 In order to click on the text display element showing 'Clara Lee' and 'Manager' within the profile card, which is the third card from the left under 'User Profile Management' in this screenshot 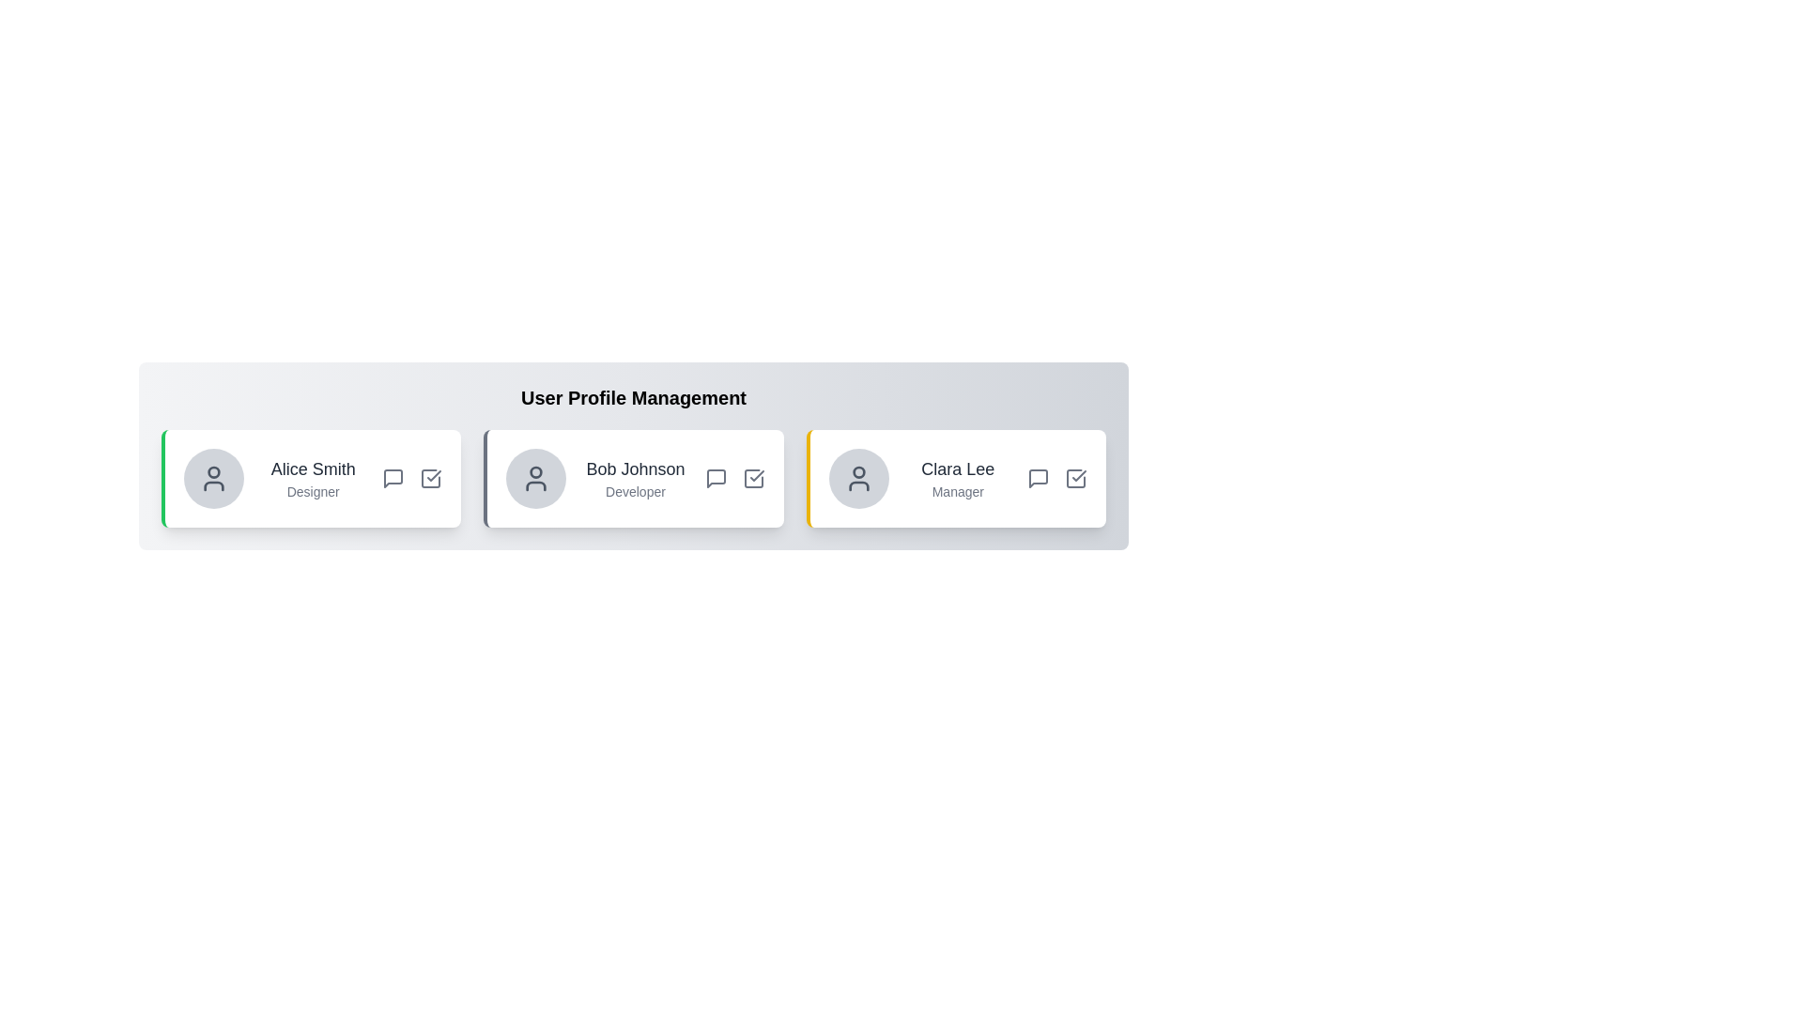, I will do `click(958, 477)`.